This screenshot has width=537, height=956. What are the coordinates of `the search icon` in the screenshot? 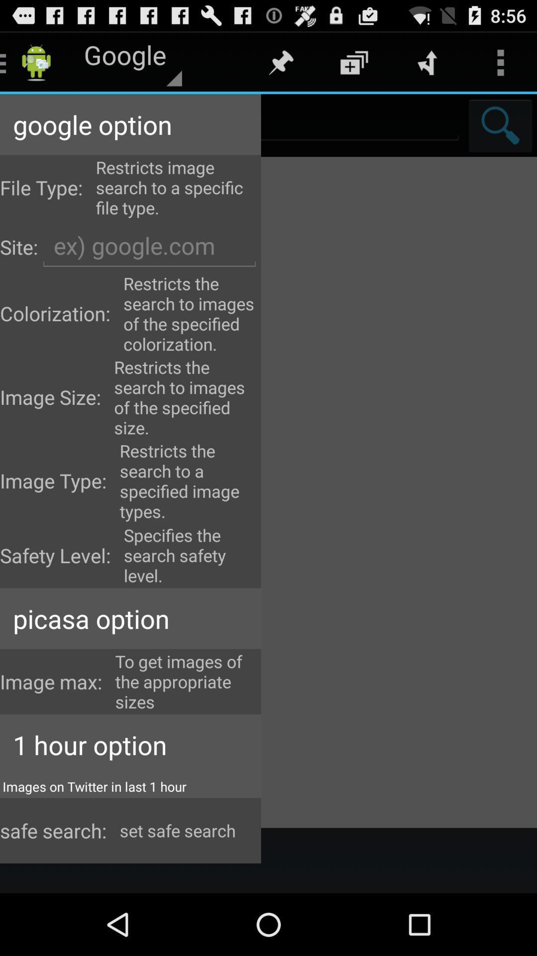 It's located at (500, 133).